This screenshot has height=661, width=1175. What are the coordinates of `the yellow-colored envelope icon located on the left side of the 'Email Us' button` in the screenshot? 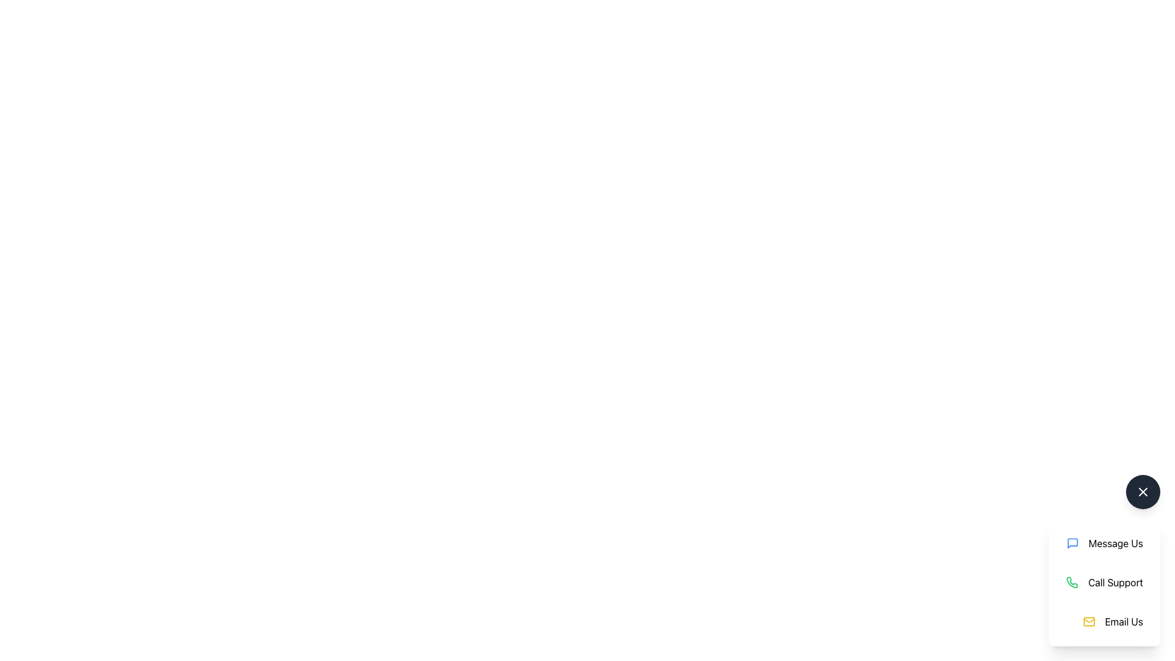 It's located at (1089, 621).